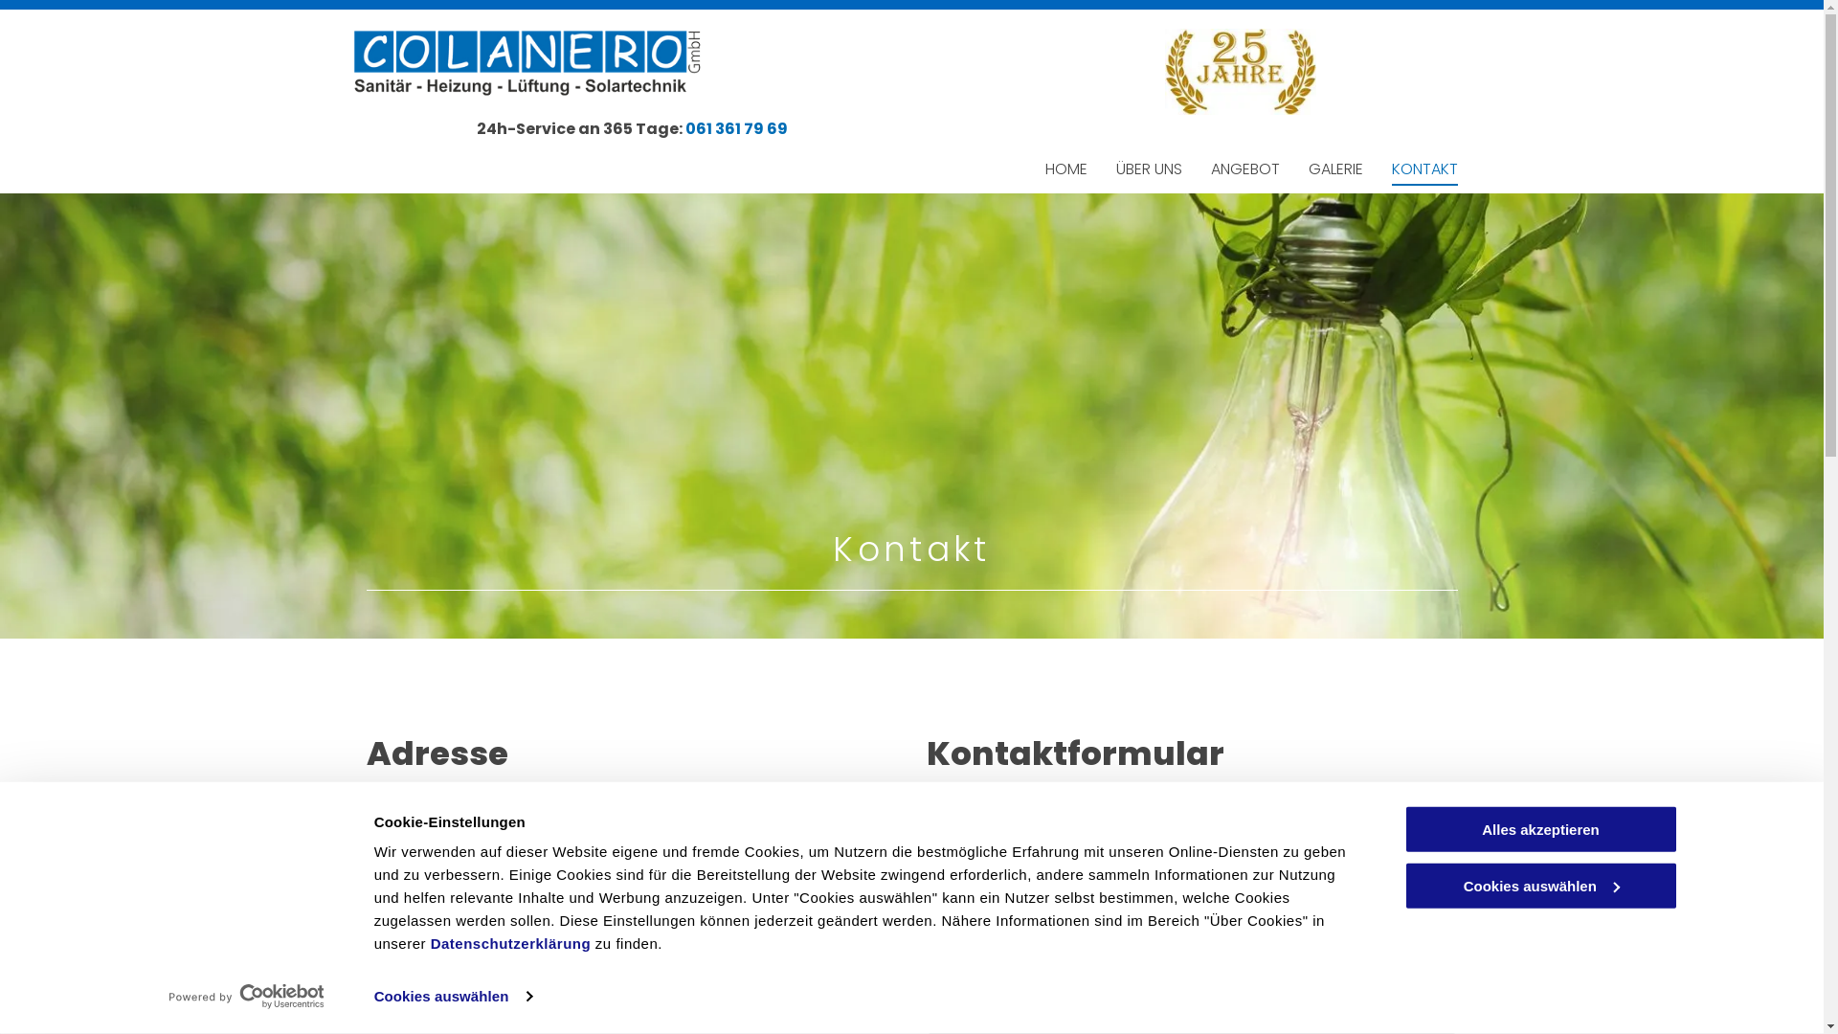 This screenshot has height=1034, width=1838. What do you see at coordinates (735, 128) in the screenshot?
I see `'061 361 79 69'` at bounding box center [735, 128].